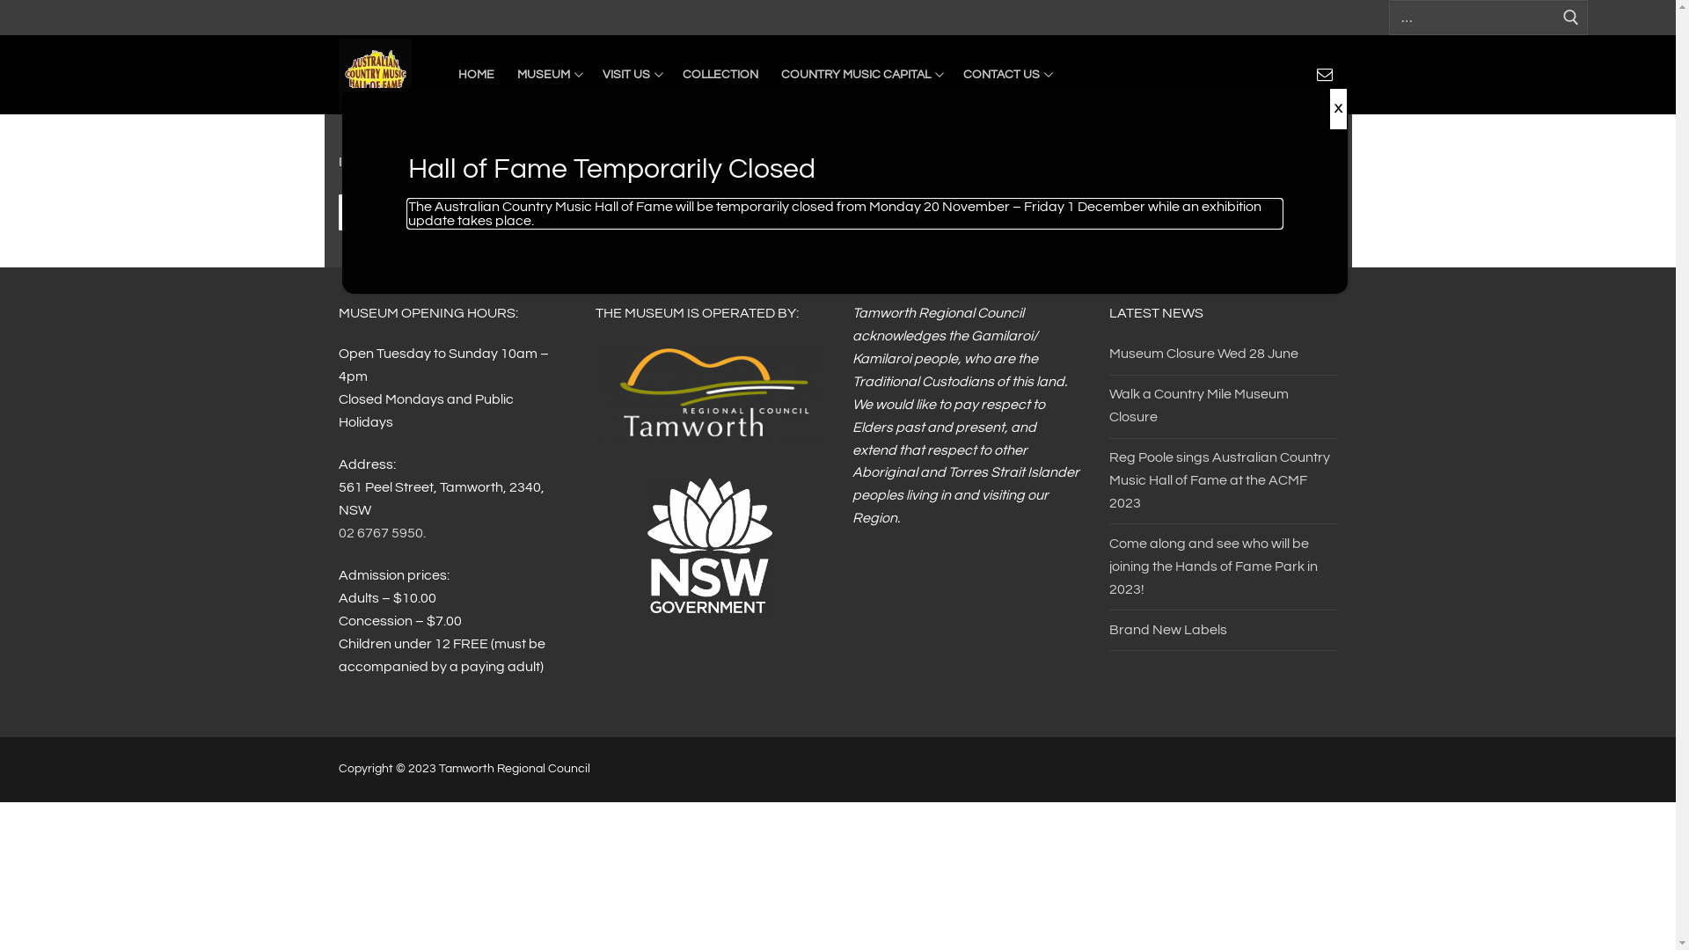  What do you see at coordinates (1222, 634) in the screenshot?
I see `'Brand New Labels'` at bounding box center [1222, 634].